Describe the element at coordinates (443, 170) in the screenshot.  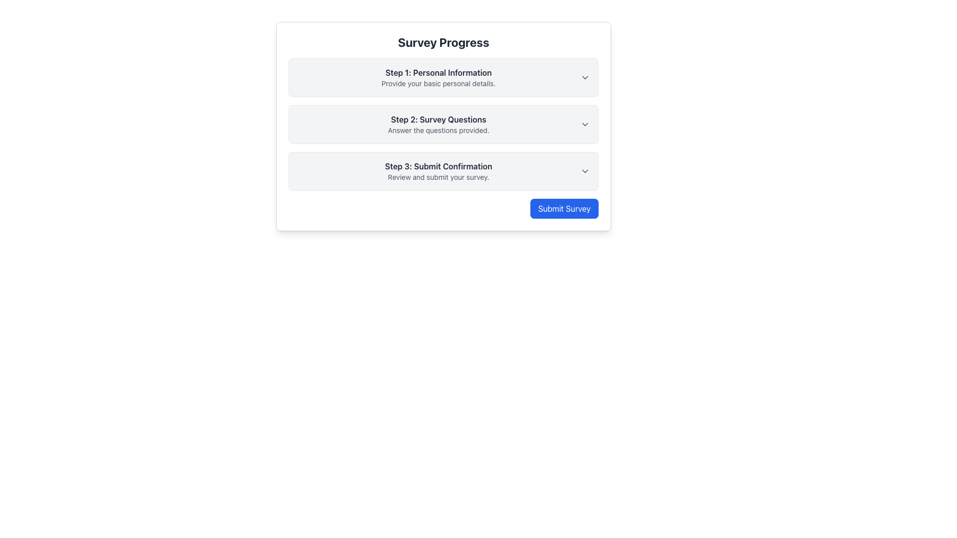
I see `the Step Indicator element that indicates the third step in the multi-step survey process located in the 'Survey Progress' section` at that location.